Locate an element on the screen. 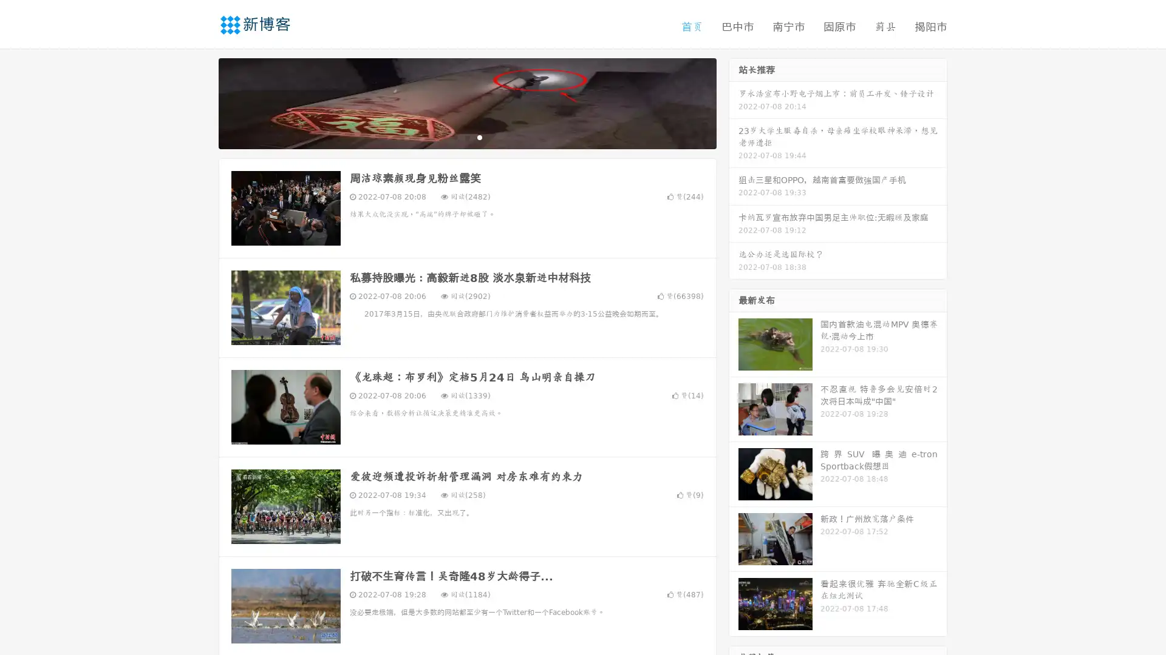  Previous slide is located at coordinates (200, 102).